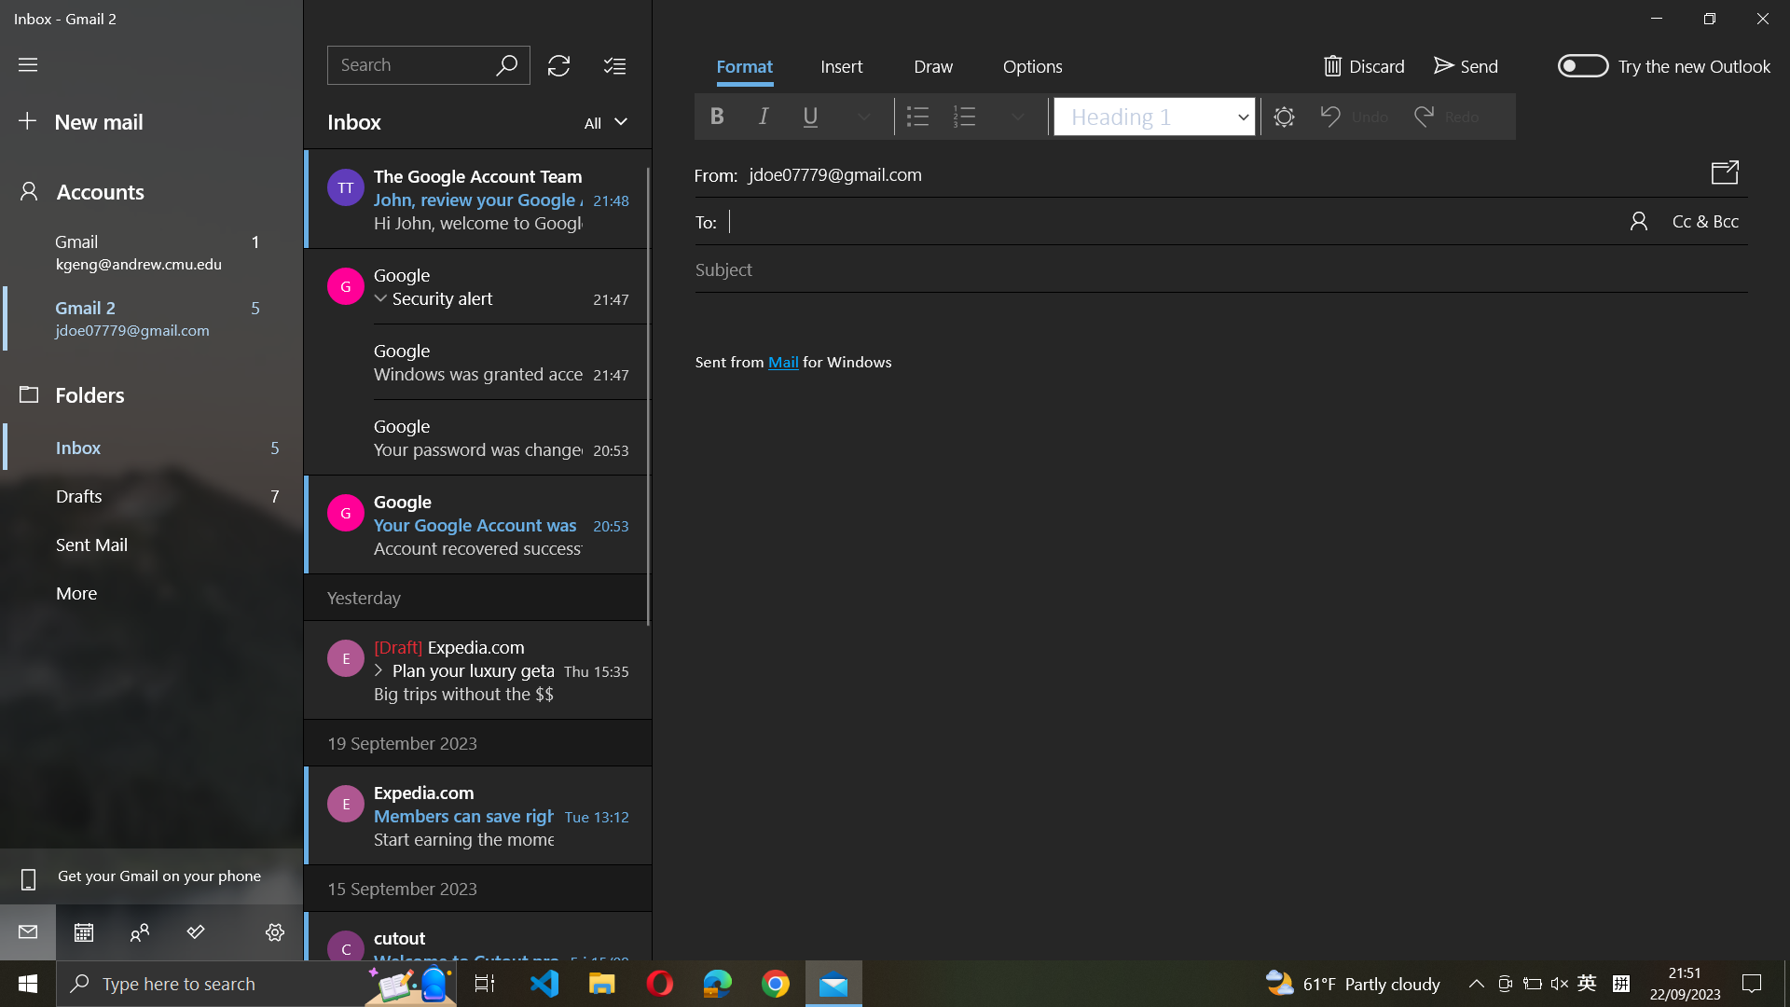 The image size is (1790, 1007). Describe the element at coordinates (558, 63) in the screenshot. I see `Renew the contents of inbox` at that location.